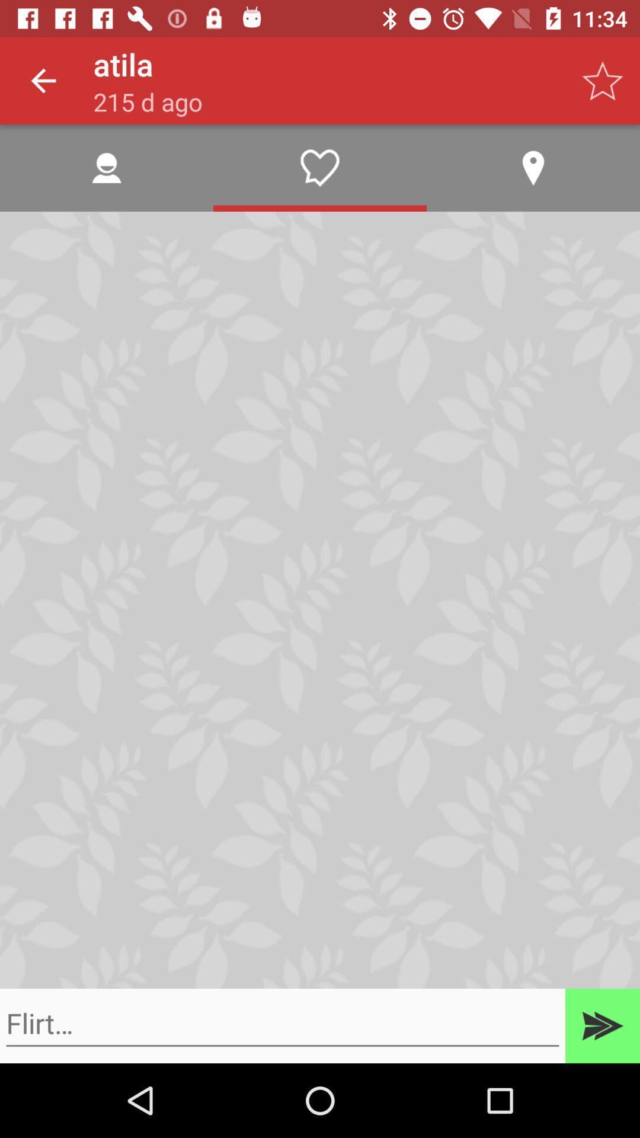  Describe the element at coordinates (603, 1025) in the screenshot. I see `multi` at that location.